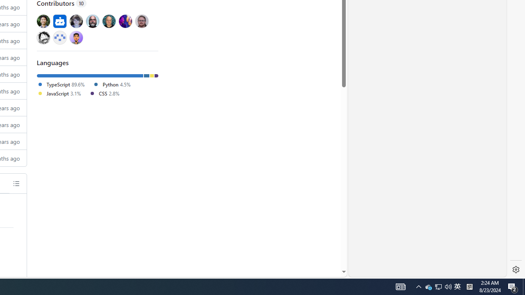 The height and width of the screenshot is (295, 525). What do you see at coordinates (16, 183) in the screenshot?
I see `'Outline'` at bounding box center [16, 183].